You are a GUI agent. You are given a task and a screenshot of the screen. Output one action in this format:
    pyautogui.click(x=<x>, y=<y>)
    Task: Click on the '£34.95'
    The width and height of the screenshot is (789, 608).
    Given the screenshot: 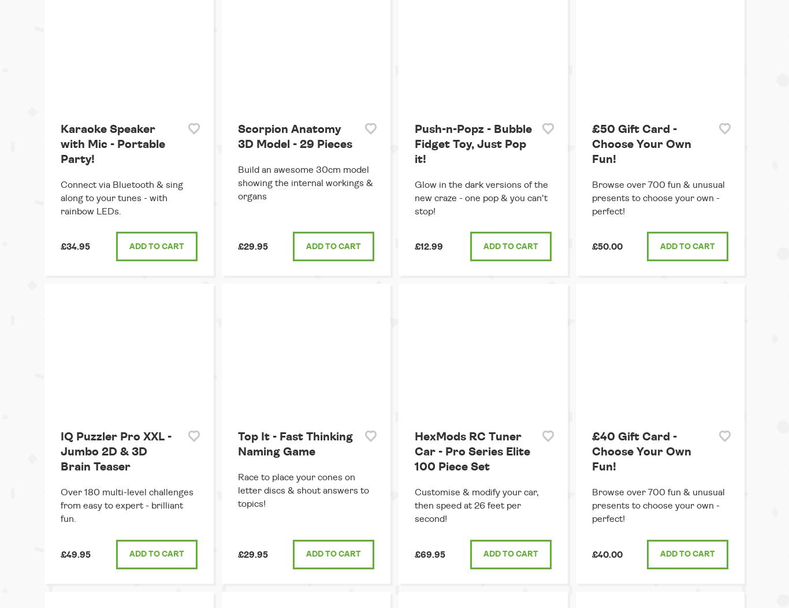 What is the action you would take?
    pyautogui.click(x=75, y=246)
    